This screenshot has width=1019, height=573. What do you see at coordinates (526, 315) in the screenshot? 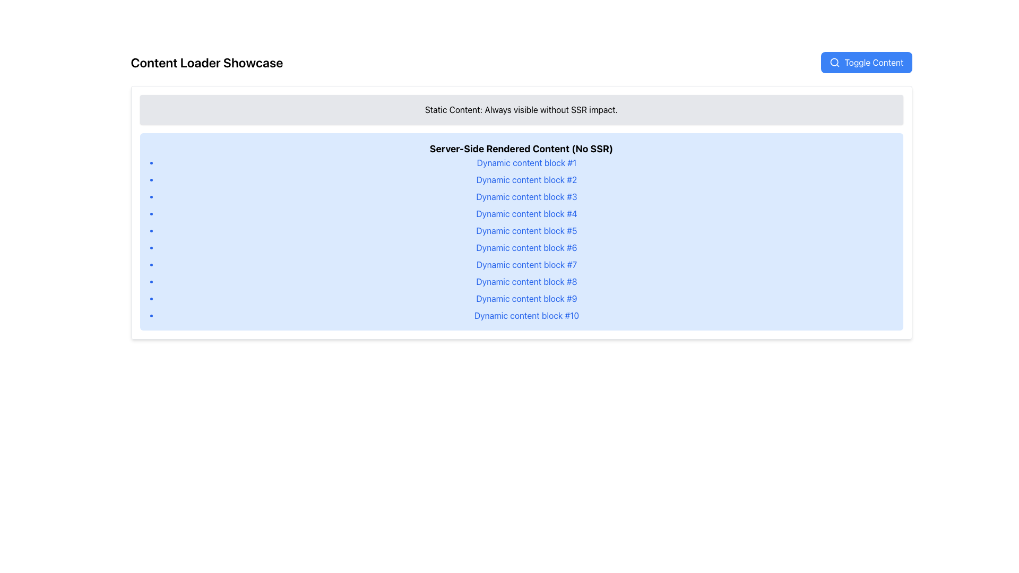
I see `the last text label in the dynamic content showcase, which is labeled as 'Dynamic content block #10'` at bounding box center [526, 315].